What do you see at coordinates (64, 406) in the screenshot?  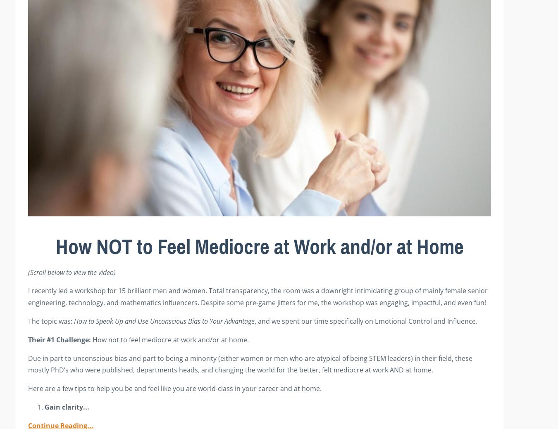 I see `'Gain clarity'` at bounding box center [64, 406].